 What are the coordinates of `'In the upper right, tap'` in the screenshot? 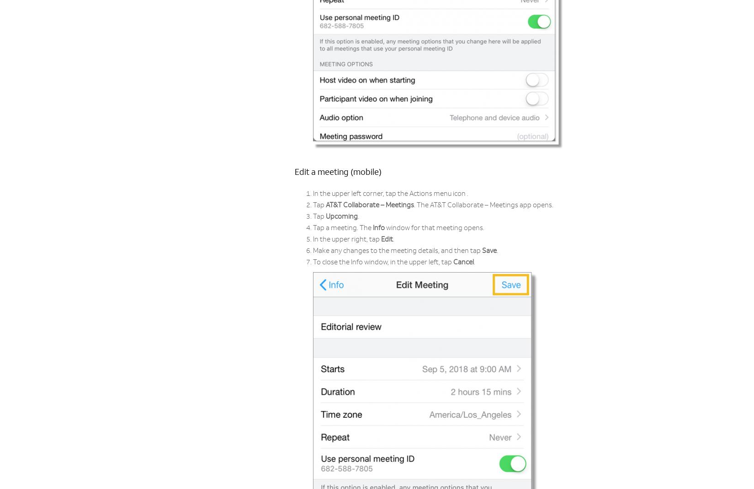 It's located at (346, 239).